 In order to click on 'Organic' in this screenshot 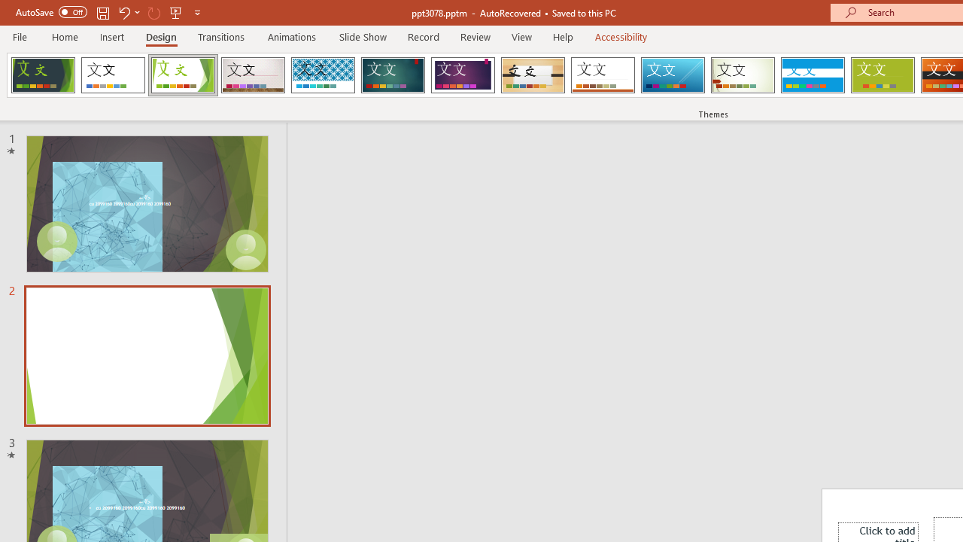, I will do `click(533, 75)`.